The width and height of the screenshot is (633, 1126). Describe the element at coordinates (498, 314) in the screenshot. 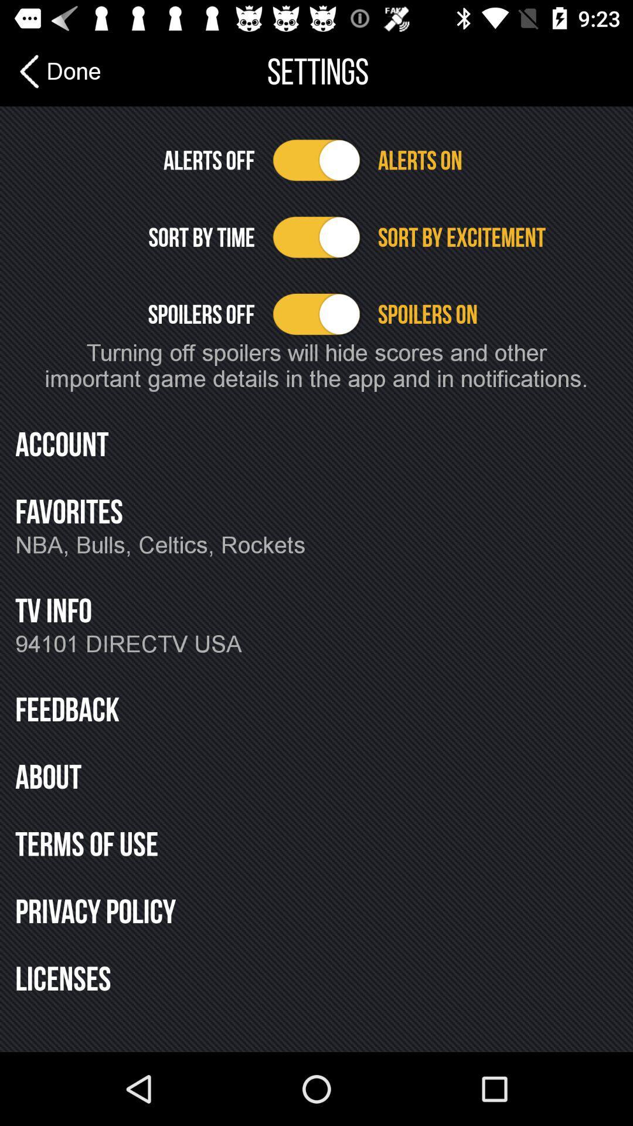

I see `the item above the turning off spoilers` at that location.